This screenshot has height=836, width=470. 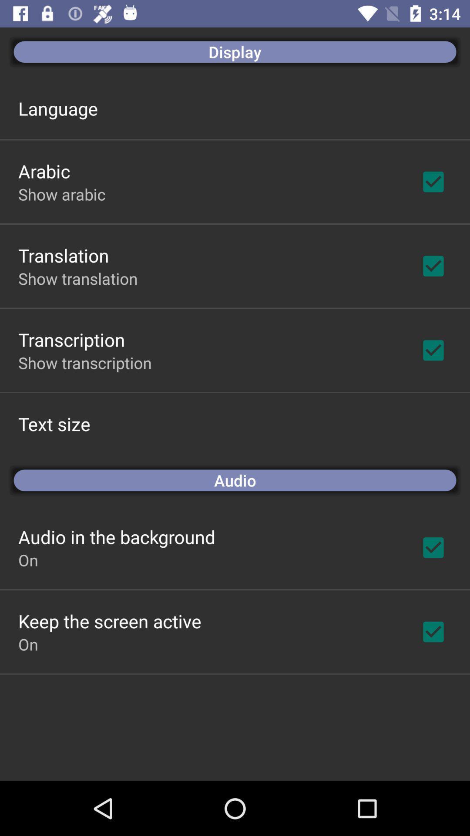 I want to click on the show arabic icon, so click(x=61, y=194).